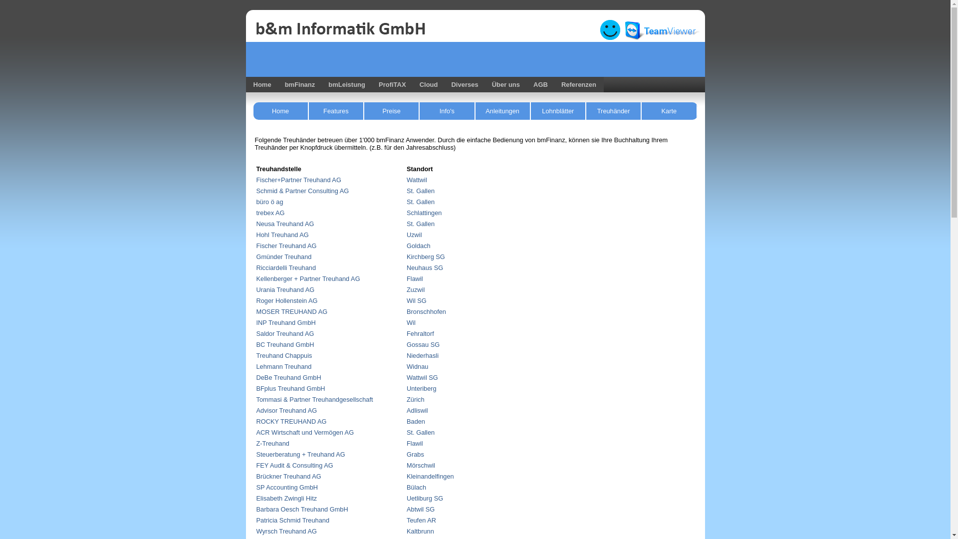 Image resolution: width=958 pixels, height=539 pixels. What do you see at coordinates (642, 111) in the screenshot?
I see `'Karte'` at bounding box center [642, 111].